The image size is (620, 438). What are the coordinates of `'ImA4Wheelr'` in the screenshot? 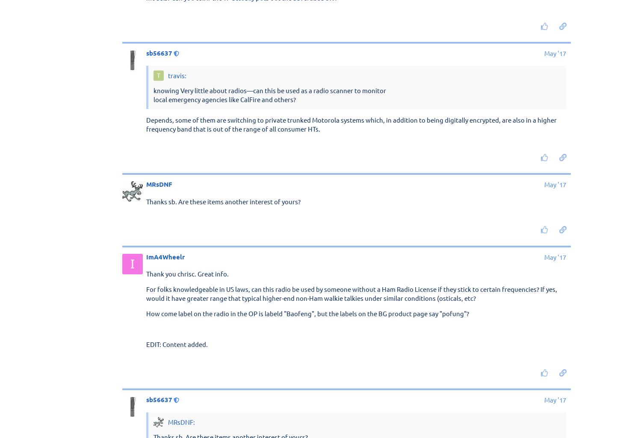 It's located at (165, 256).